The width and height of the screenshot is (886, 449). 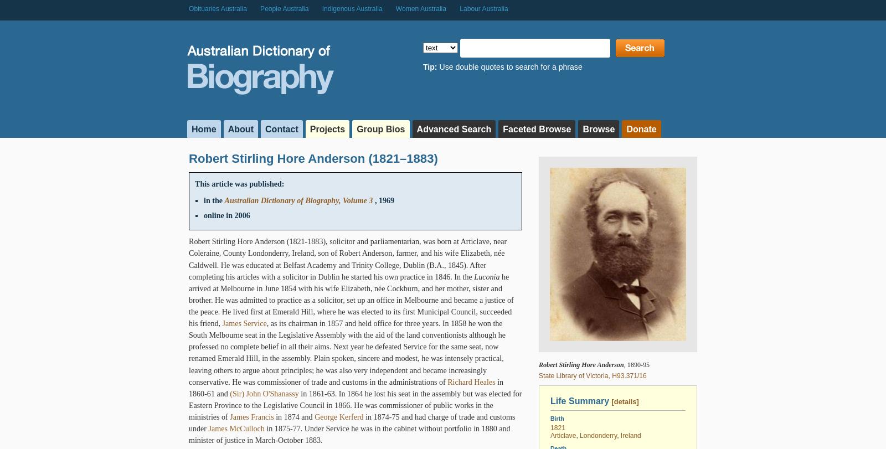 What do you see at coordinates (281, 129) in the screenshot?
I see `'Contact'` at bounding box center [281, 129].